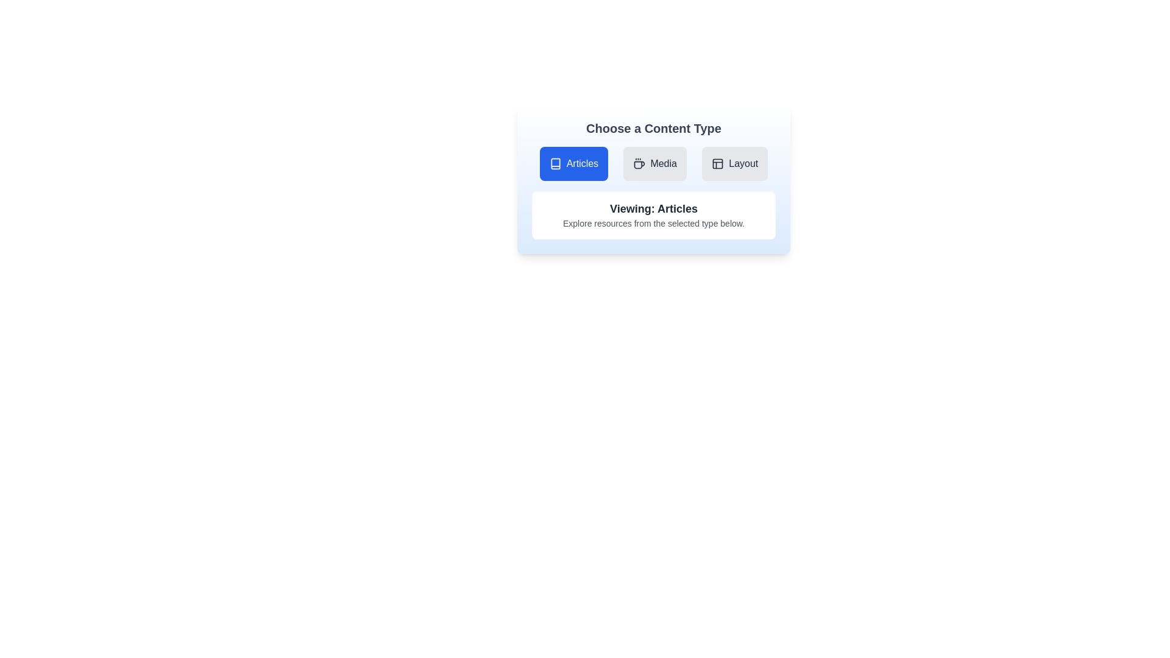 Image resolution: width=1170 pixels, height=658 pixels. Describe the element at coordinates (555, 163) in the screenshot. I see `the graphical icon within the button labeled 'Articles'` at that location.